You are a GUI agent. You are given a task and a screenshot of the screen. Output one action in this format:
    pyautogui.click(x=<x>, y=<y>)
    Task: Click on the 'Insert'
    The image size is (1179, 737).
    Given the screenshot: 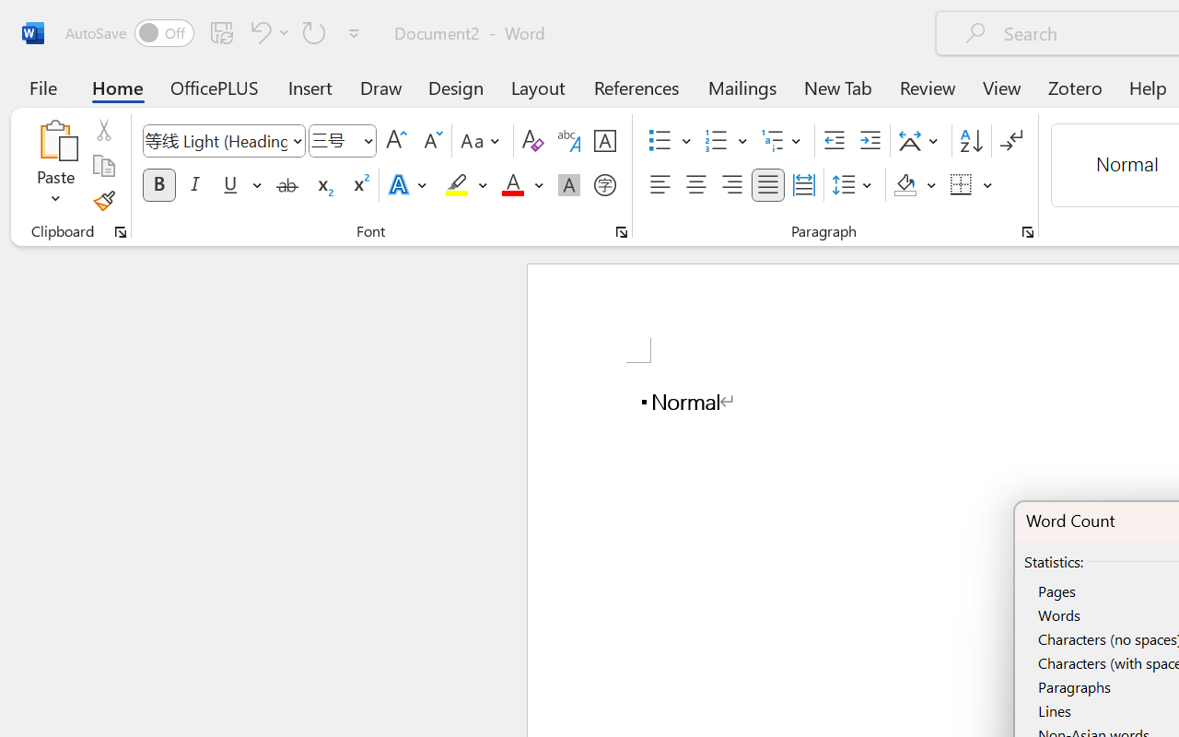 What is the action you would take?
    pyautogui.click(x=310, y=87)
    